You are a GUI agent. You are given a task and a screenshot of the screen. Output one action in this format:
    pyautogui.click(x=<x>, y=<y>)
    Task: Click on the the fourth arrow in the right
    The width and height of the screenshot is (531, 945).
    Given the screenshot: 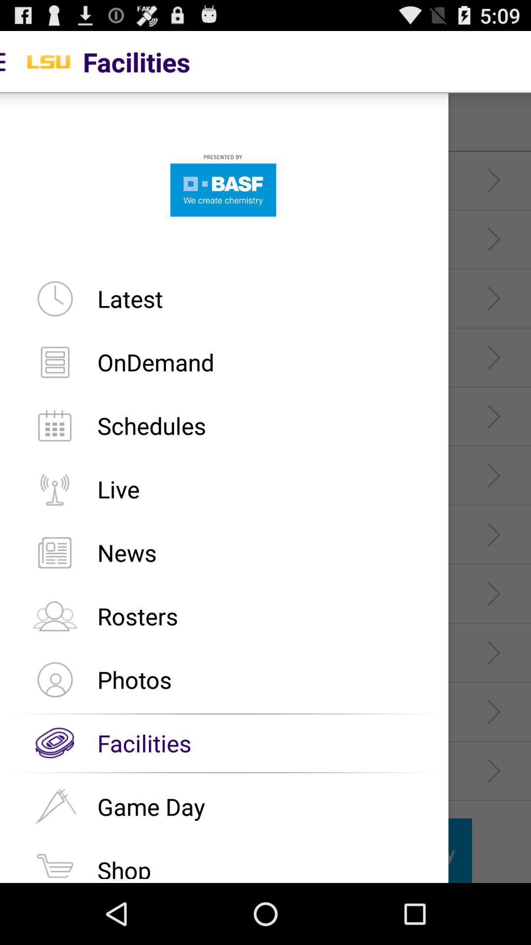 What is the action you would take?
    pyautogui.click(x=494, y=357)
    